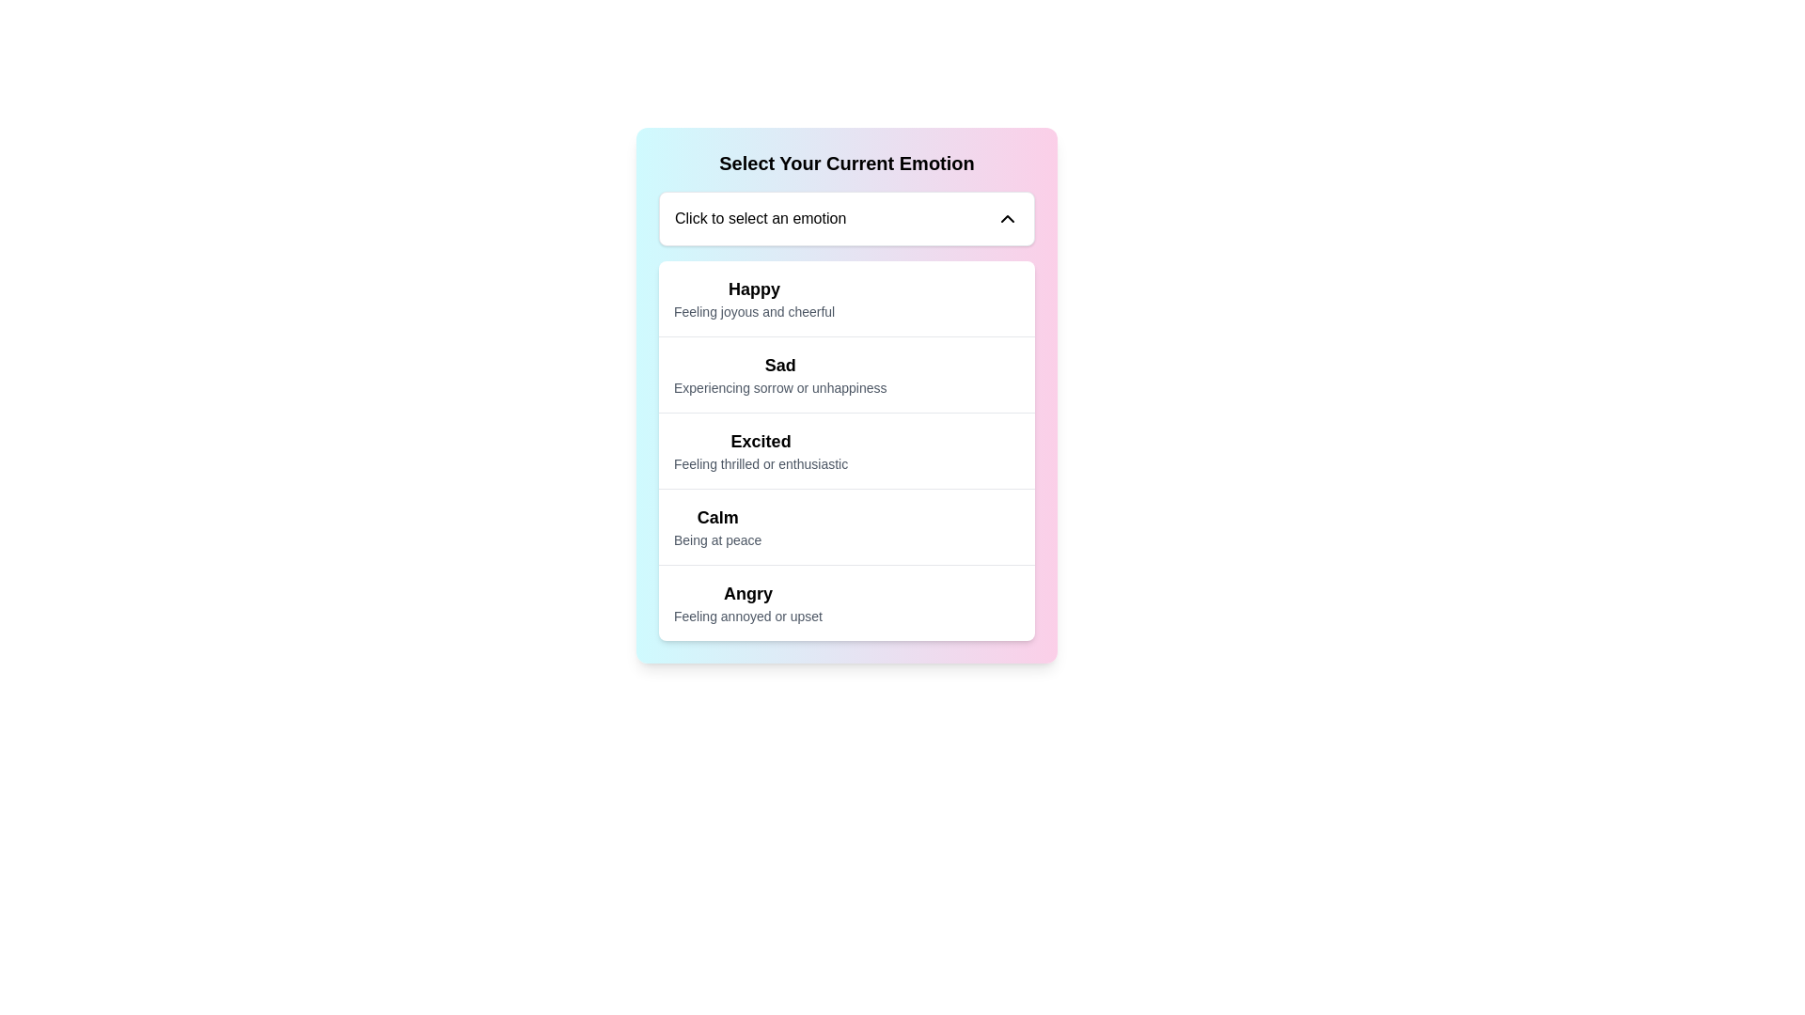  What do you see at coordinates (1006, 217) in the screenshot?
I see `the icon aligned to the far right side of the rectangular selection box labeled 'Click to select an emotion'` at bounding box center [1006, 217].